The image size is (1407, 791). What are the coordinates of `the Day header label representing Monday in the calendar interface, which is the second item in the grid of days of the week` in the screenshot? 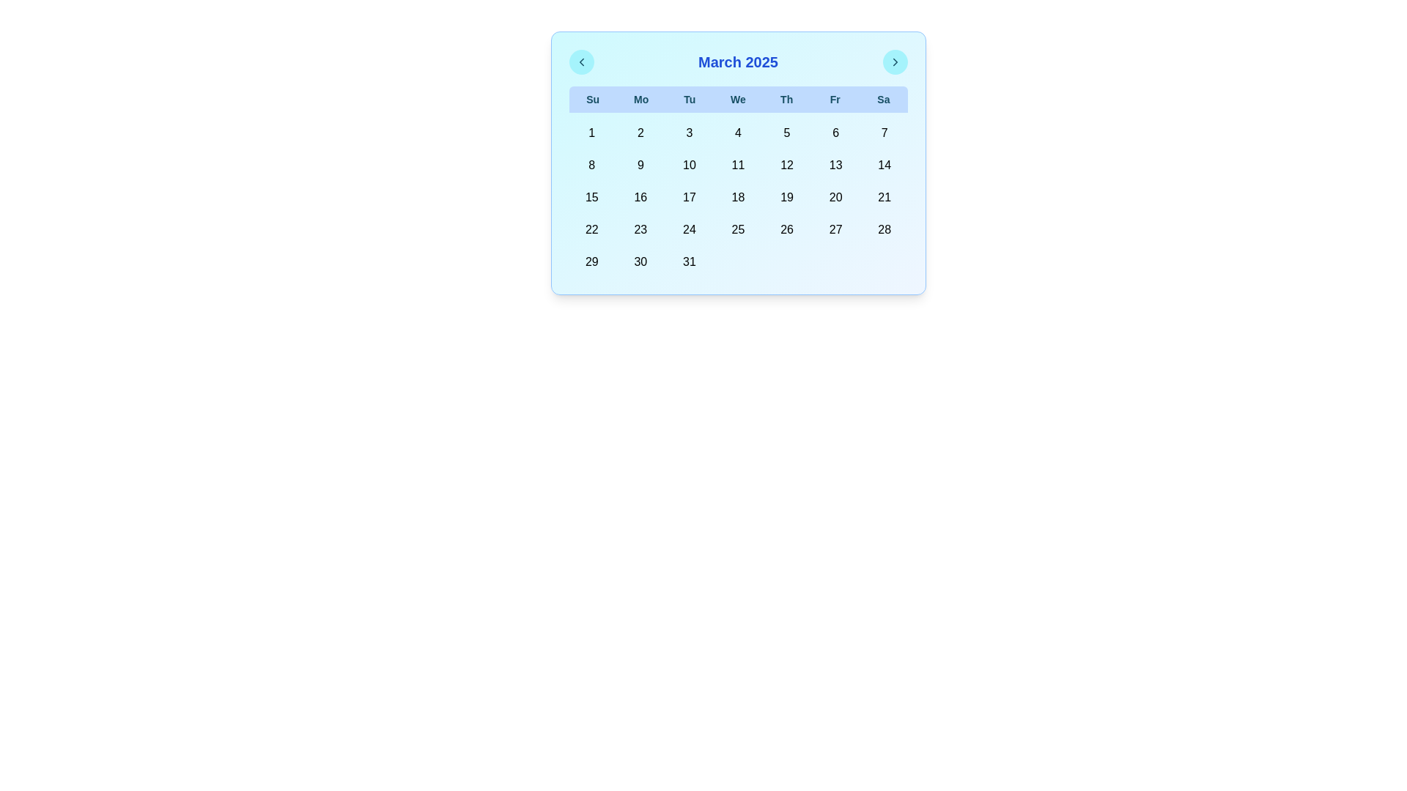 It's located at (641, 99).